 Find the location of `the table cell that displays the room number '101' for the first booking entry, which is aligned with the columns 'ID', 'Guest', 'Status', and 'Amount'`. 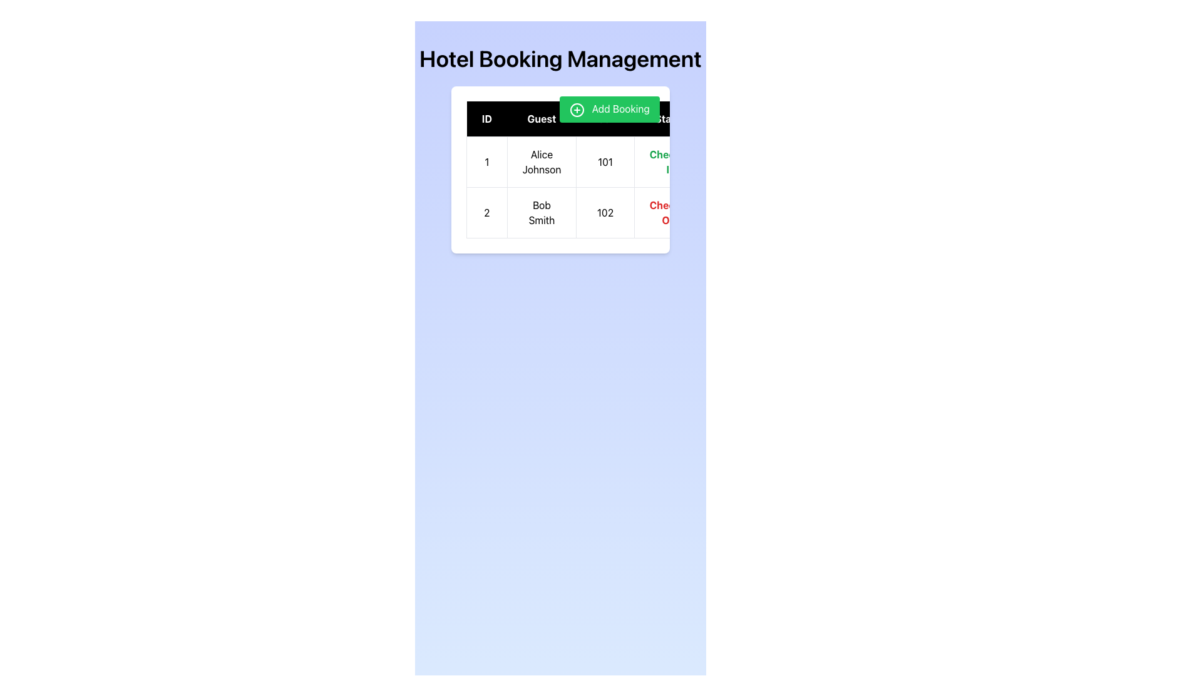

the table cell that displays the room number '101' for the first booking entry, which is aligned with the columns 'ID', 'Guest', 'Status', and 'Amount' is located at coordinates (622, 187).